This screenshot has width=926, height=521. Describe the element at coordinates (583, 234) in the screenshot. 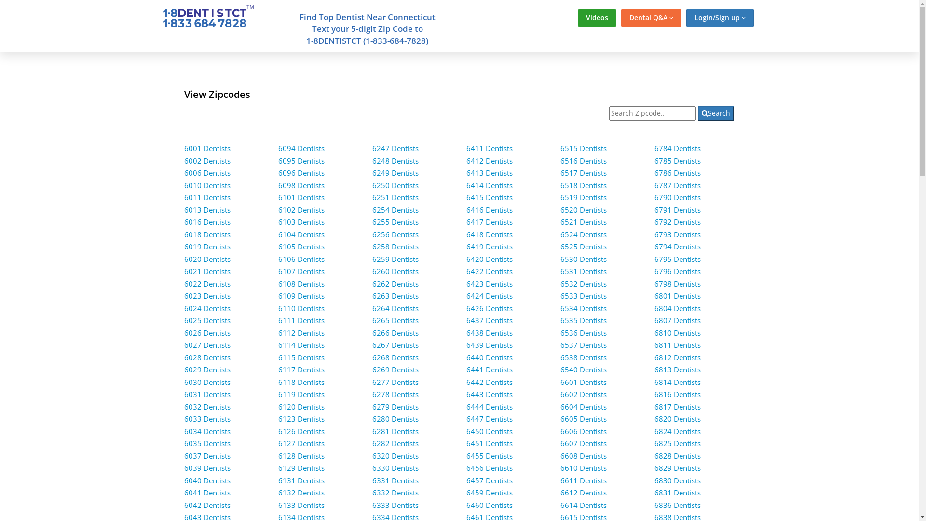

I see `'6524 Dentists'` at that location.